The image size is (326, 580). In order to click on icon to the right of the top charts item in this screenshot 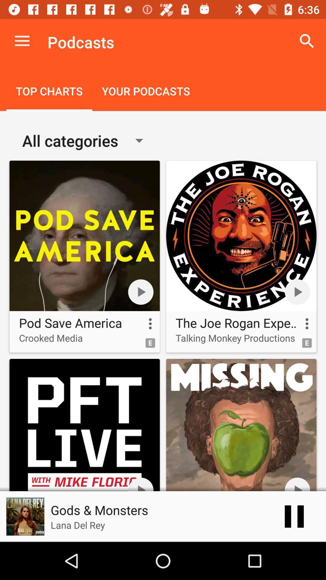, I will do `click(146, 92)`.